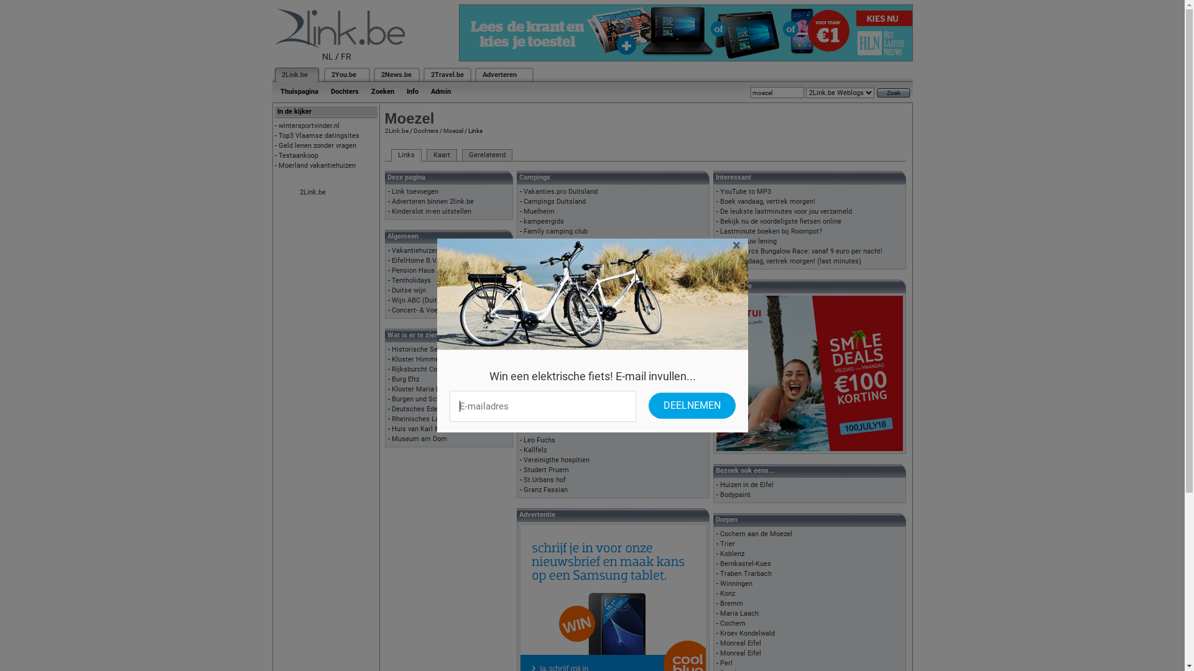 This screenshot has height=671, width=1194. I want to click on 'Konz', so click(728, 593).